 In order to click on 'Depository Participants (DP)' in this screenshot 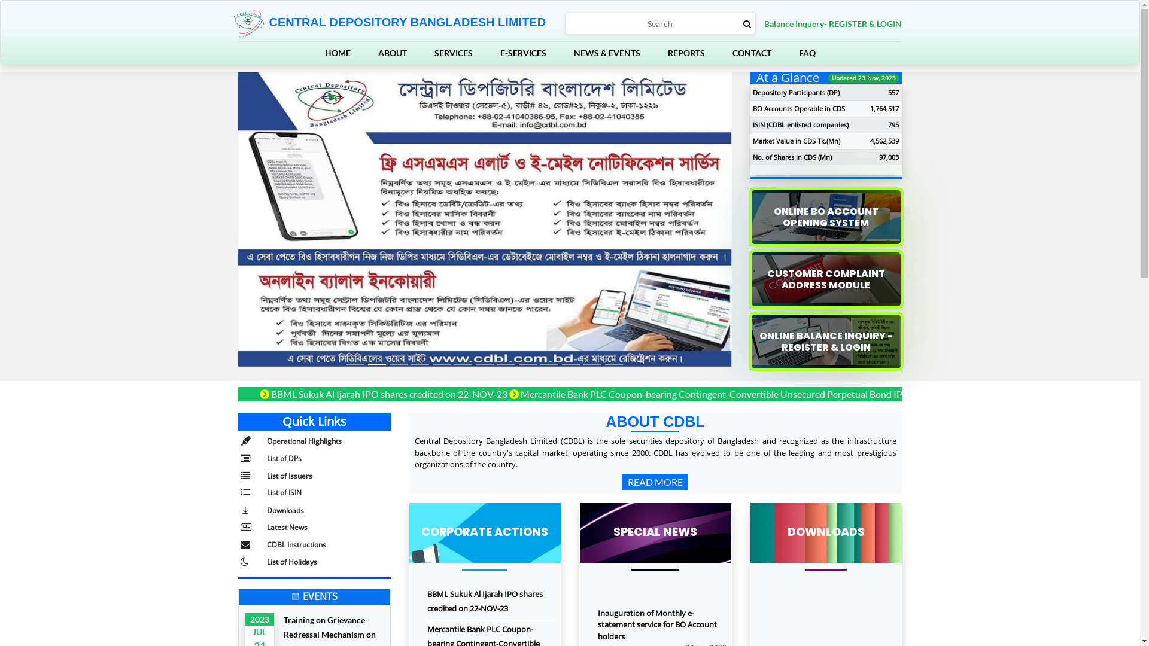, I will do `click(752, 92)`.